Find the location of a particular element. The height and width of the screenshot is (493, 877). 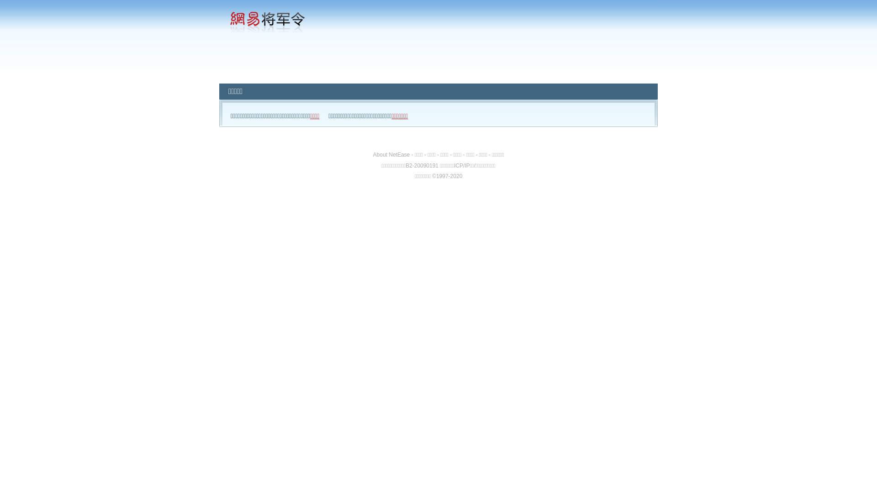

'About NetEase' is located at coordinates (391, 154).